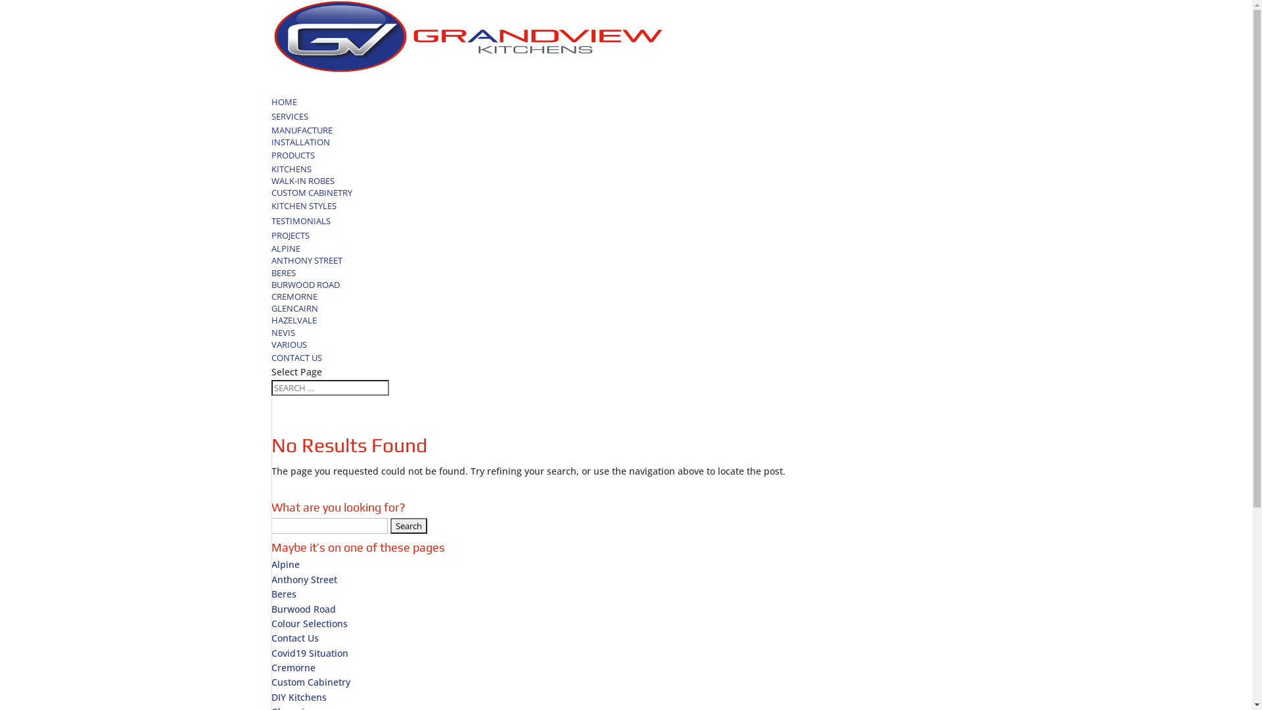 The height and width of the screenshot is (710, 1262). I want to click on 'ANTHONY STREET', so click(305, 260).